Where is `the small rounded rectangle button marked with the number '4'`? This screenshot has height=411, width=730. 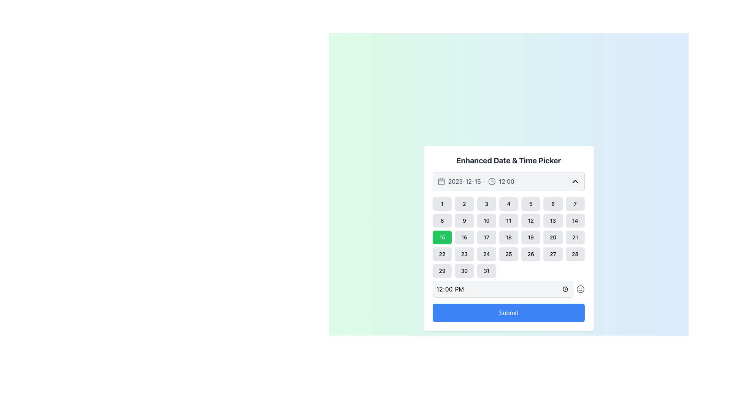 the small rounded rectangle button marked with the number '4' is located at coordinates (509, 204).